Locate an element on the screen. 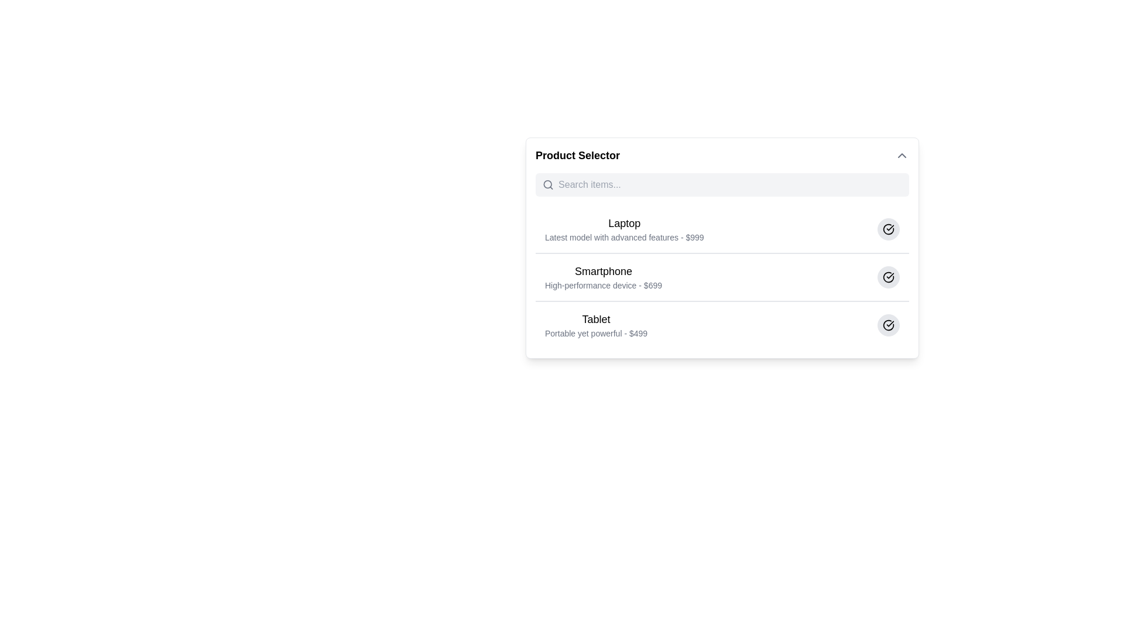 This screenshot has height=632, width=1124. the upward-pointing gray arrow icon located at the top-right corner of the 'Product Selector' component is located at coordinates (901, 155).